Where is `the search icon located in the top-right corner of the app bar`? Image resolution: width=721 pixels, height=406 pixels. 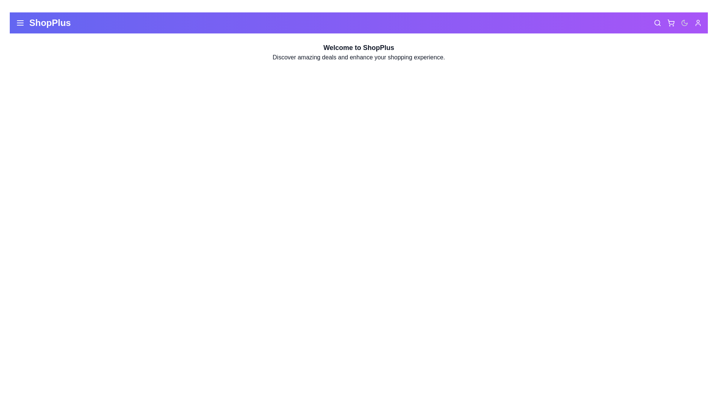
the search icon located in the top-right corner of the app bar is located at coordinates (657, 23).